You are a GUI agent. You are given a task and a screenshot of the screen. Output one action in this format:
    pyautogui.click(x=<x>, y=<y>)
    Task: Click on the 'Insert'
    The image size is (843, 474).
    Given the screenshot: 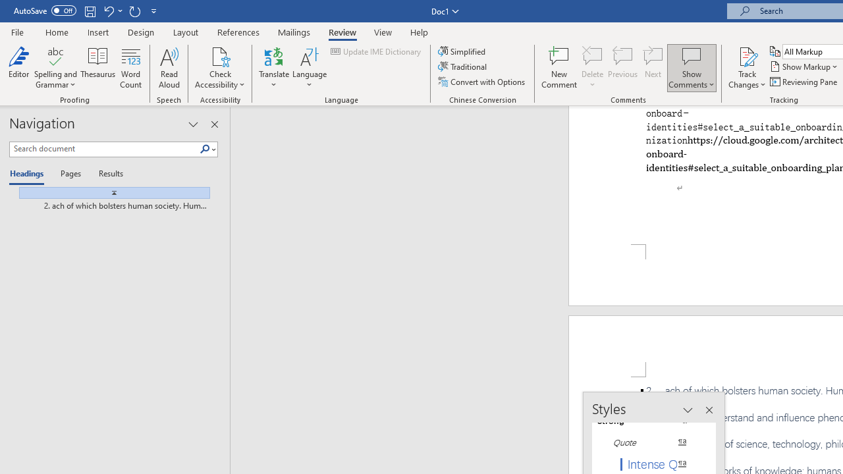 What is the action you would take?
    pyautogui.click(x=97, y=32)
    